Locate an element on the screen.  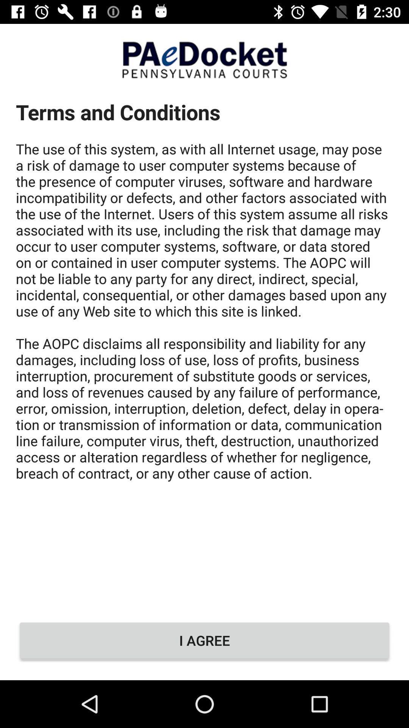
the i agree is located at coordinates (204, 640).